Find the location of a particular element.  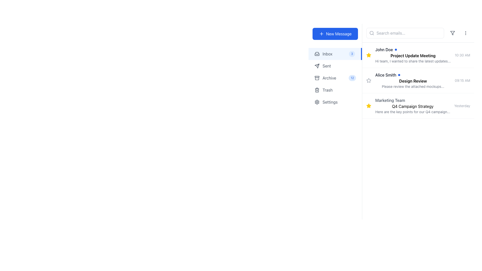

the filter button located in the top-right corner of the horizontal bar, adjacent to the three vertical dots icon is located at coordinates (453, 33).